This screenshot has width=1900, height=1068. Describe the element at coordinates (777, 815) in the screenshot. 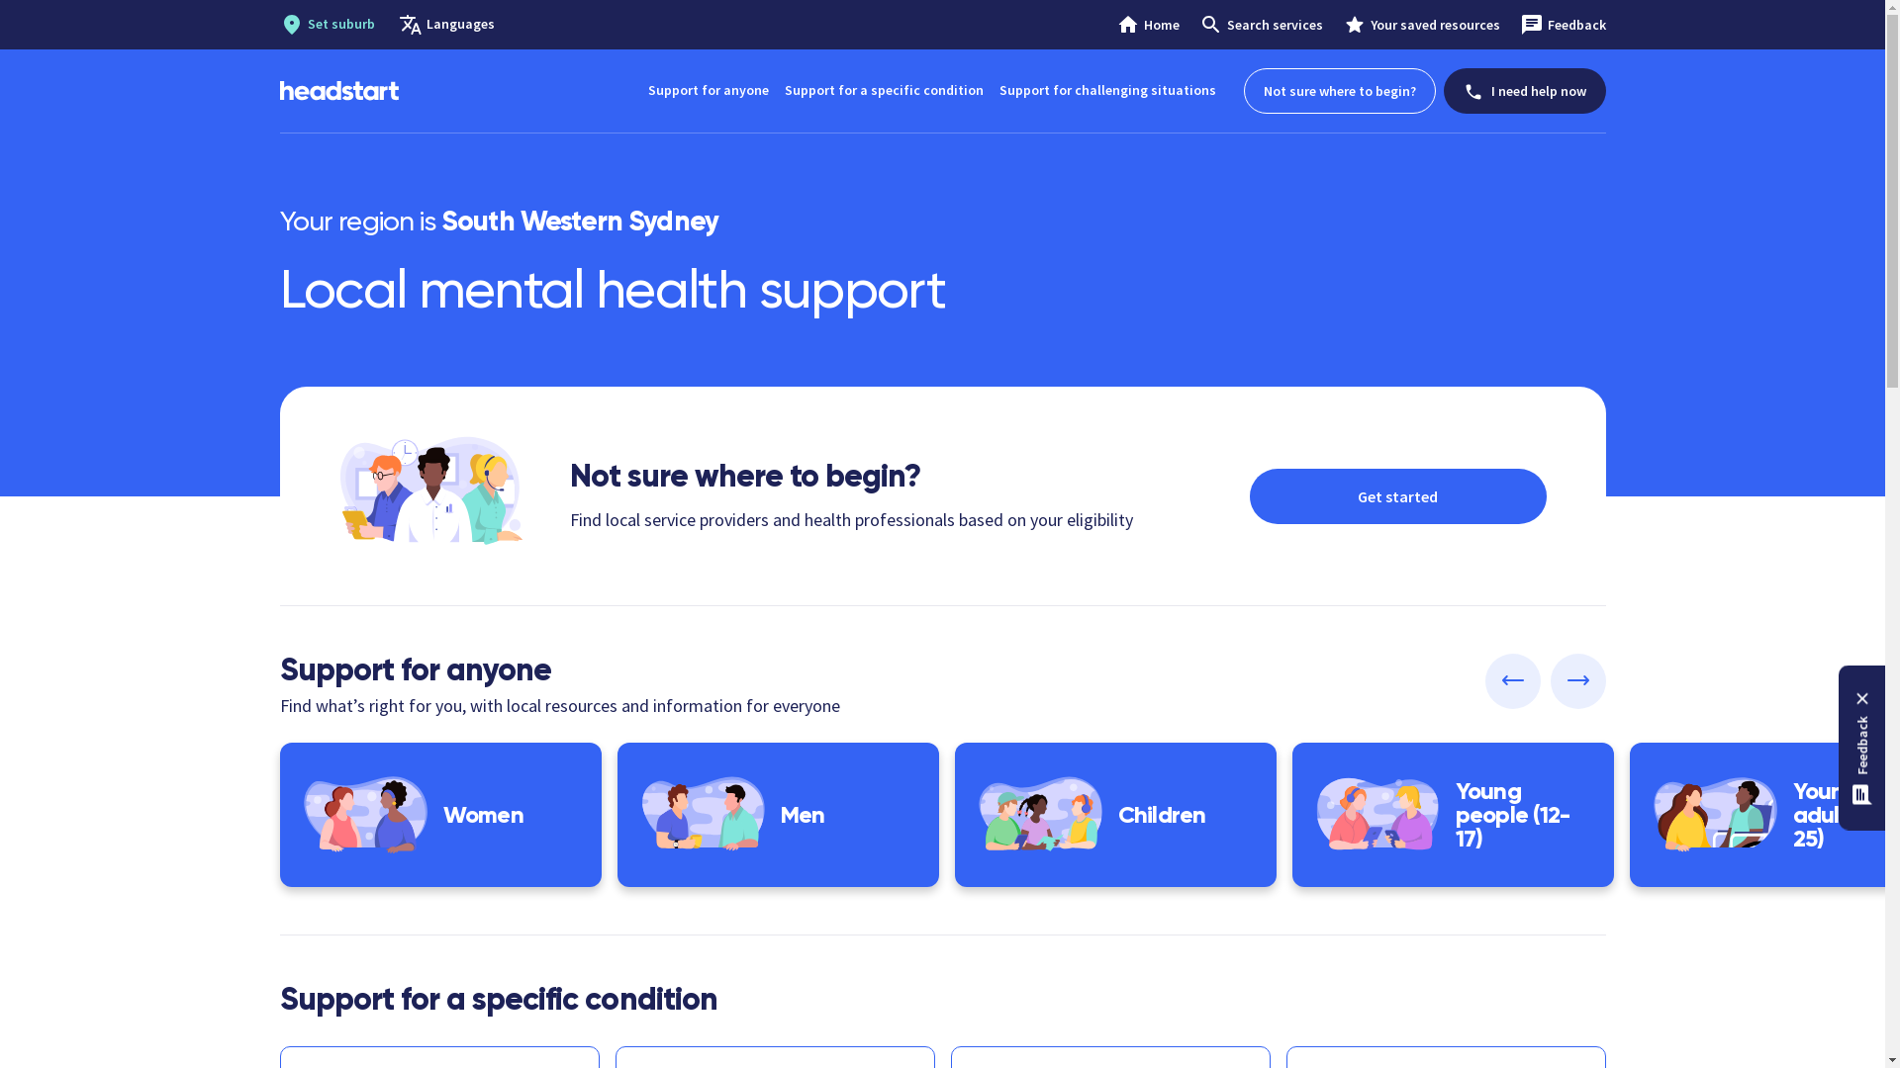

I see `'Men'` at that location.